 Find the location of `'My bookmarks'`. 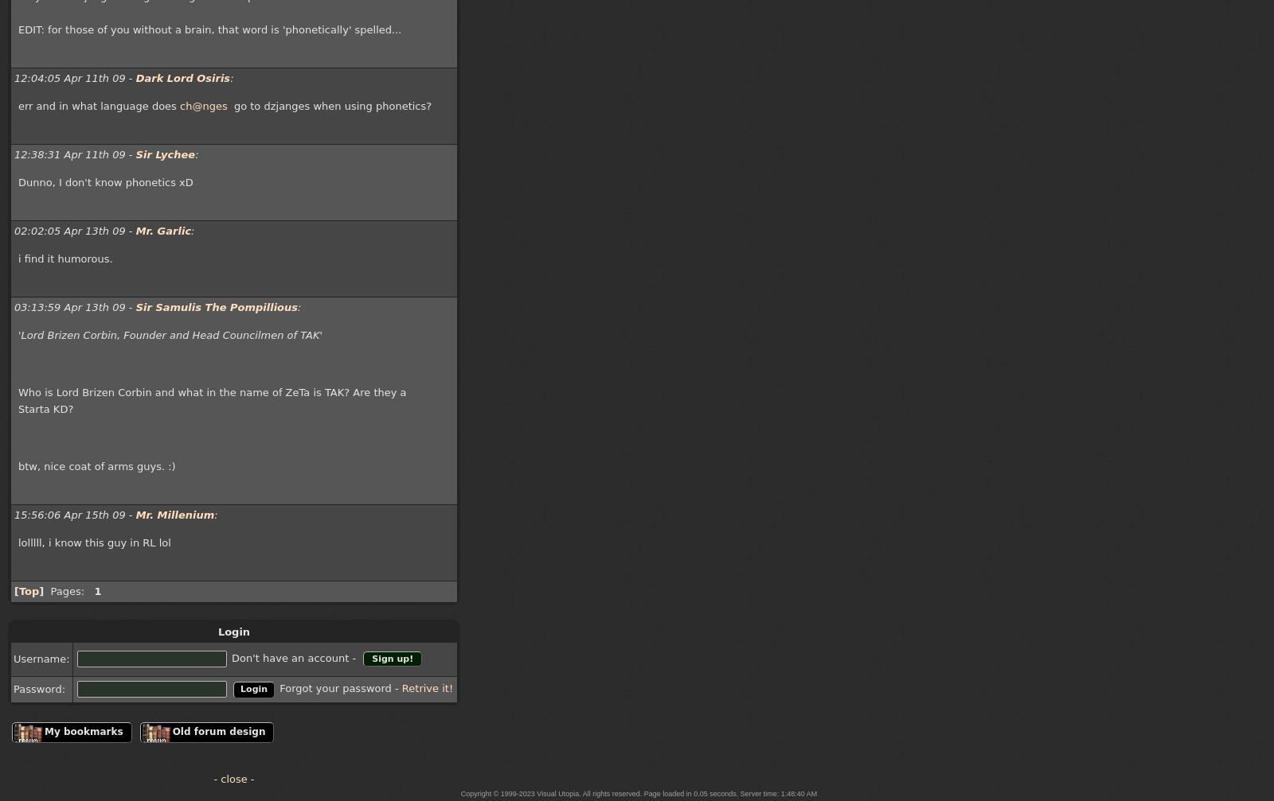

'My bookmarks' is located at coordinates (82, 729).